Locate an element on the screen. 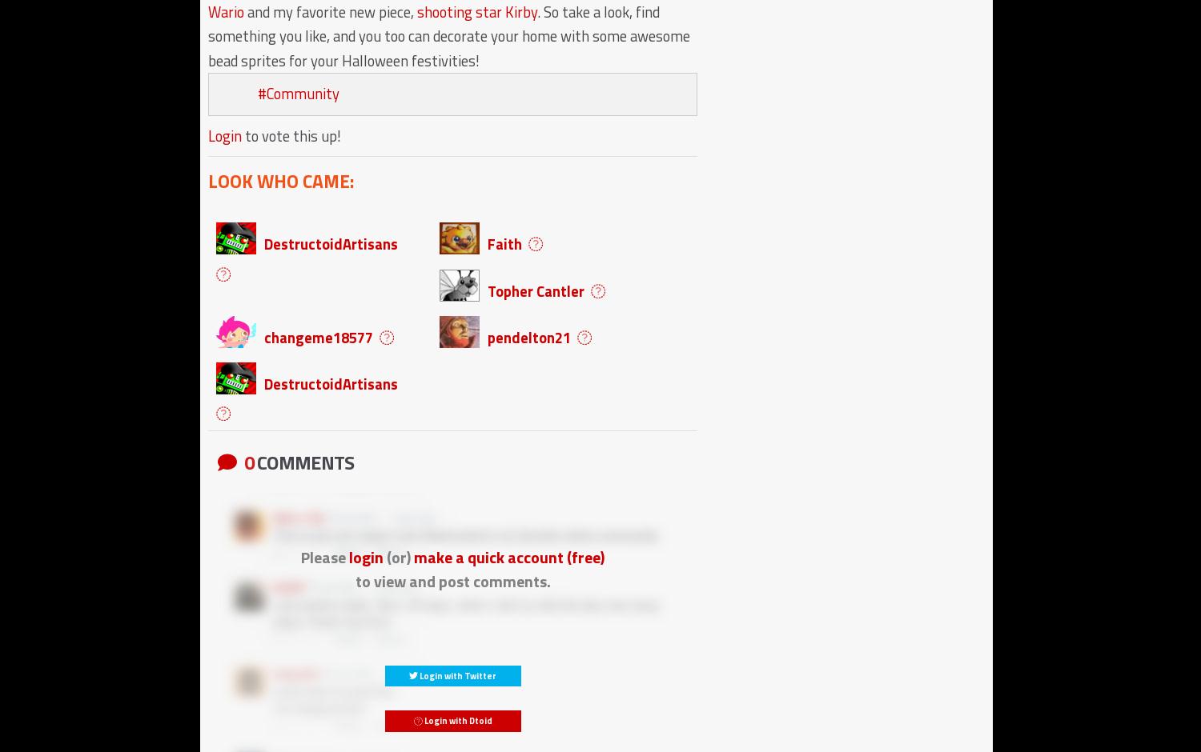 The image size is (1201, 752). 'Please' is located at coordinates (325, 555).